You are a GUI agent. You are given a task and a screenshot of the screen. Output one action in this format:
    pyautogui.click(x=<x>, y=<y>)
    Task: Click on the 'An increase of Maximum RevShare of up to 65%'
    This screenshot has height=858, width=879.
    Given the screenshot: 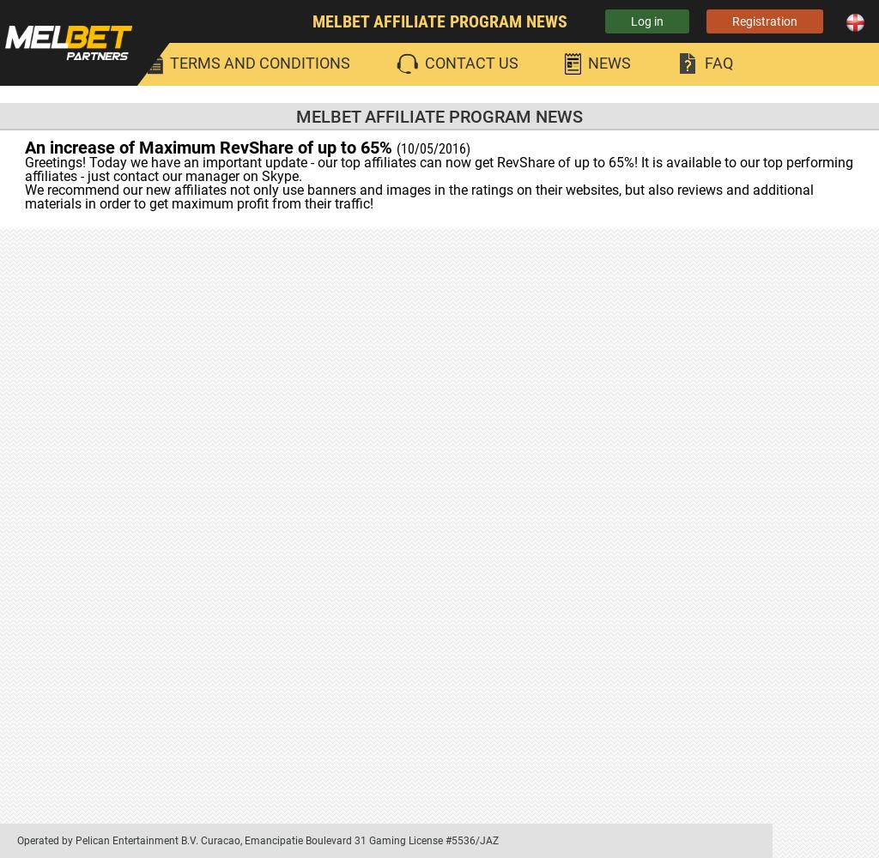 What is the action you would take?
    pyautogui.click(x=209, y=148)
    